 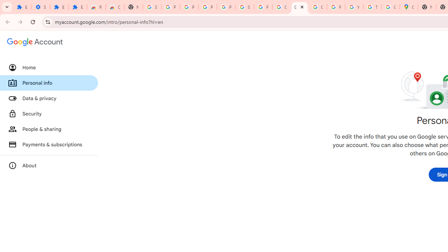 What do you see at coordinates (49, 83) in the screenshot?
I see `'Personal info'` at bounding box center [49, 83].